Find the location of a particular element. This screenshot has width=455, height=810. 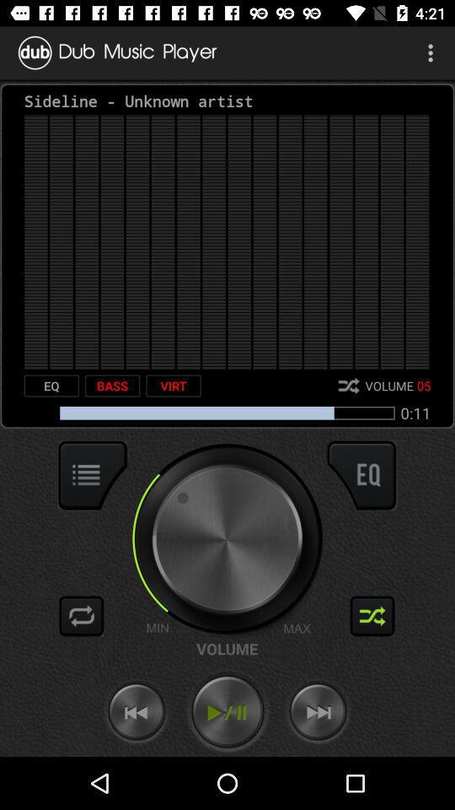

item next to the  bass is located at coordinates (51, 386).